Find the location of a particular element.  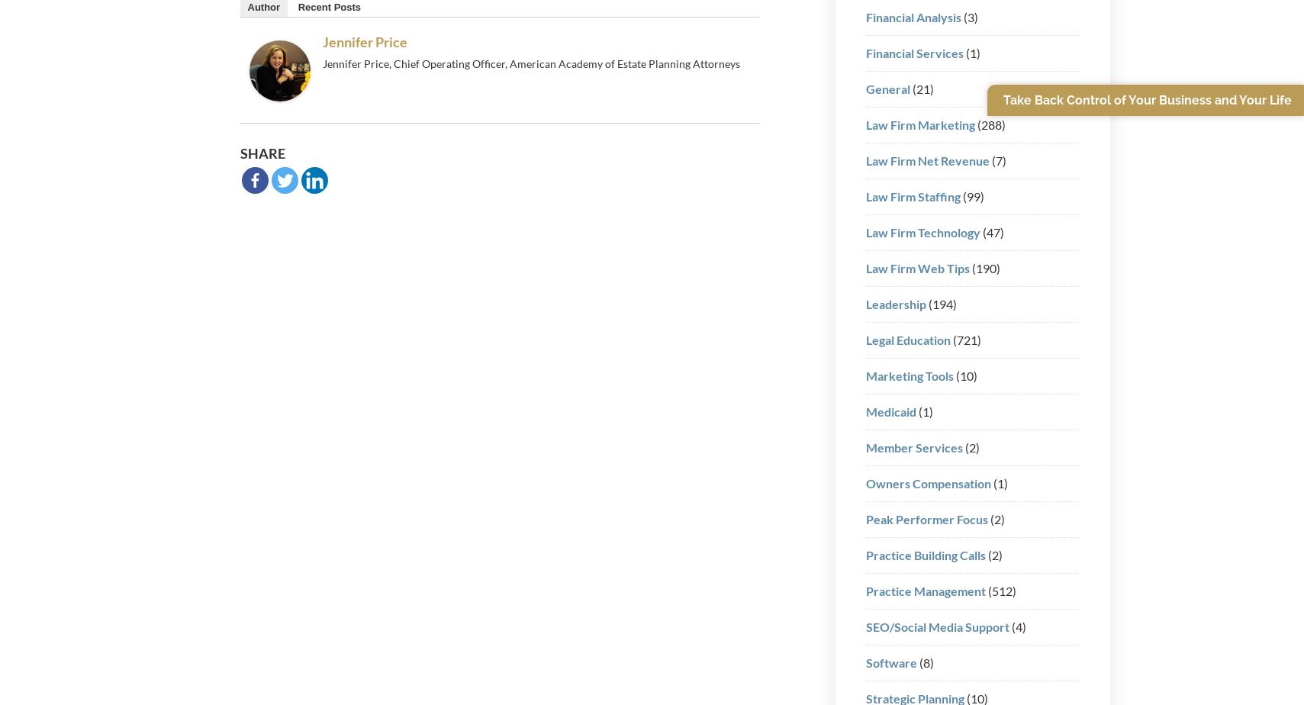

'(288)' is located at coordinates (989, 124).